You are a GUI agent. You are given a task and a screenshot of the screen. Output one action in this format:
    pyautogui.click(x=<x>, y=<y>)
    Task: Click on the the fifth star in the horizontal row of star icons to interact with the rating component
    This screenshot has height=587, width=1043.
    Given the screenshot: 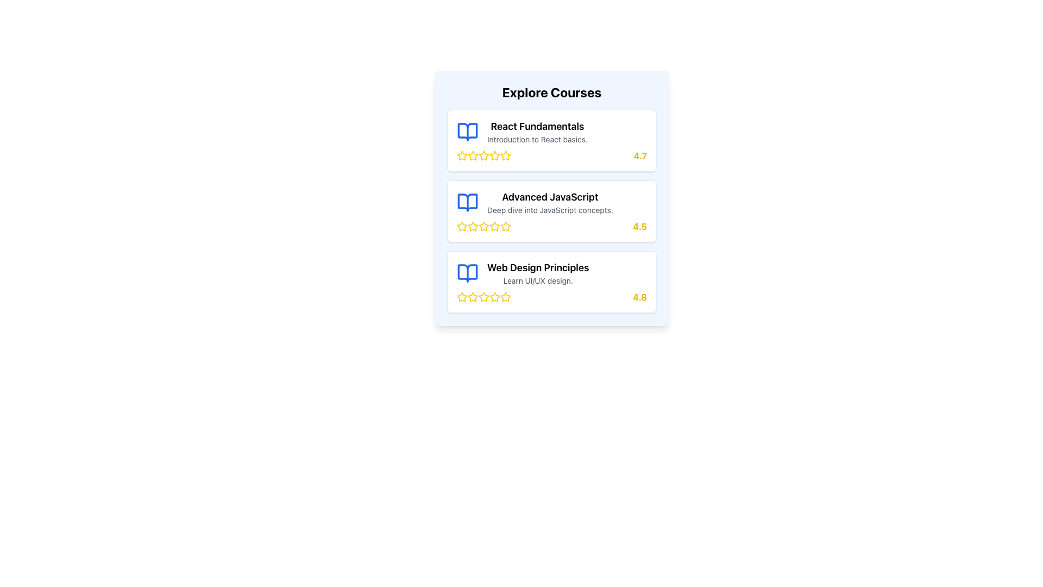 What is the action you would take?
    pyautogui.click(x=461, y=297)
    